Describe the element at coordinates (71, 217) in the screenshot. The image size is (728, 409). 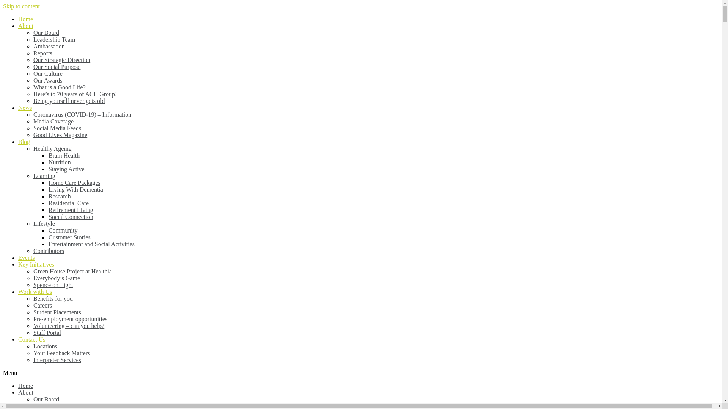
I see `'Social Connection'` at that location.